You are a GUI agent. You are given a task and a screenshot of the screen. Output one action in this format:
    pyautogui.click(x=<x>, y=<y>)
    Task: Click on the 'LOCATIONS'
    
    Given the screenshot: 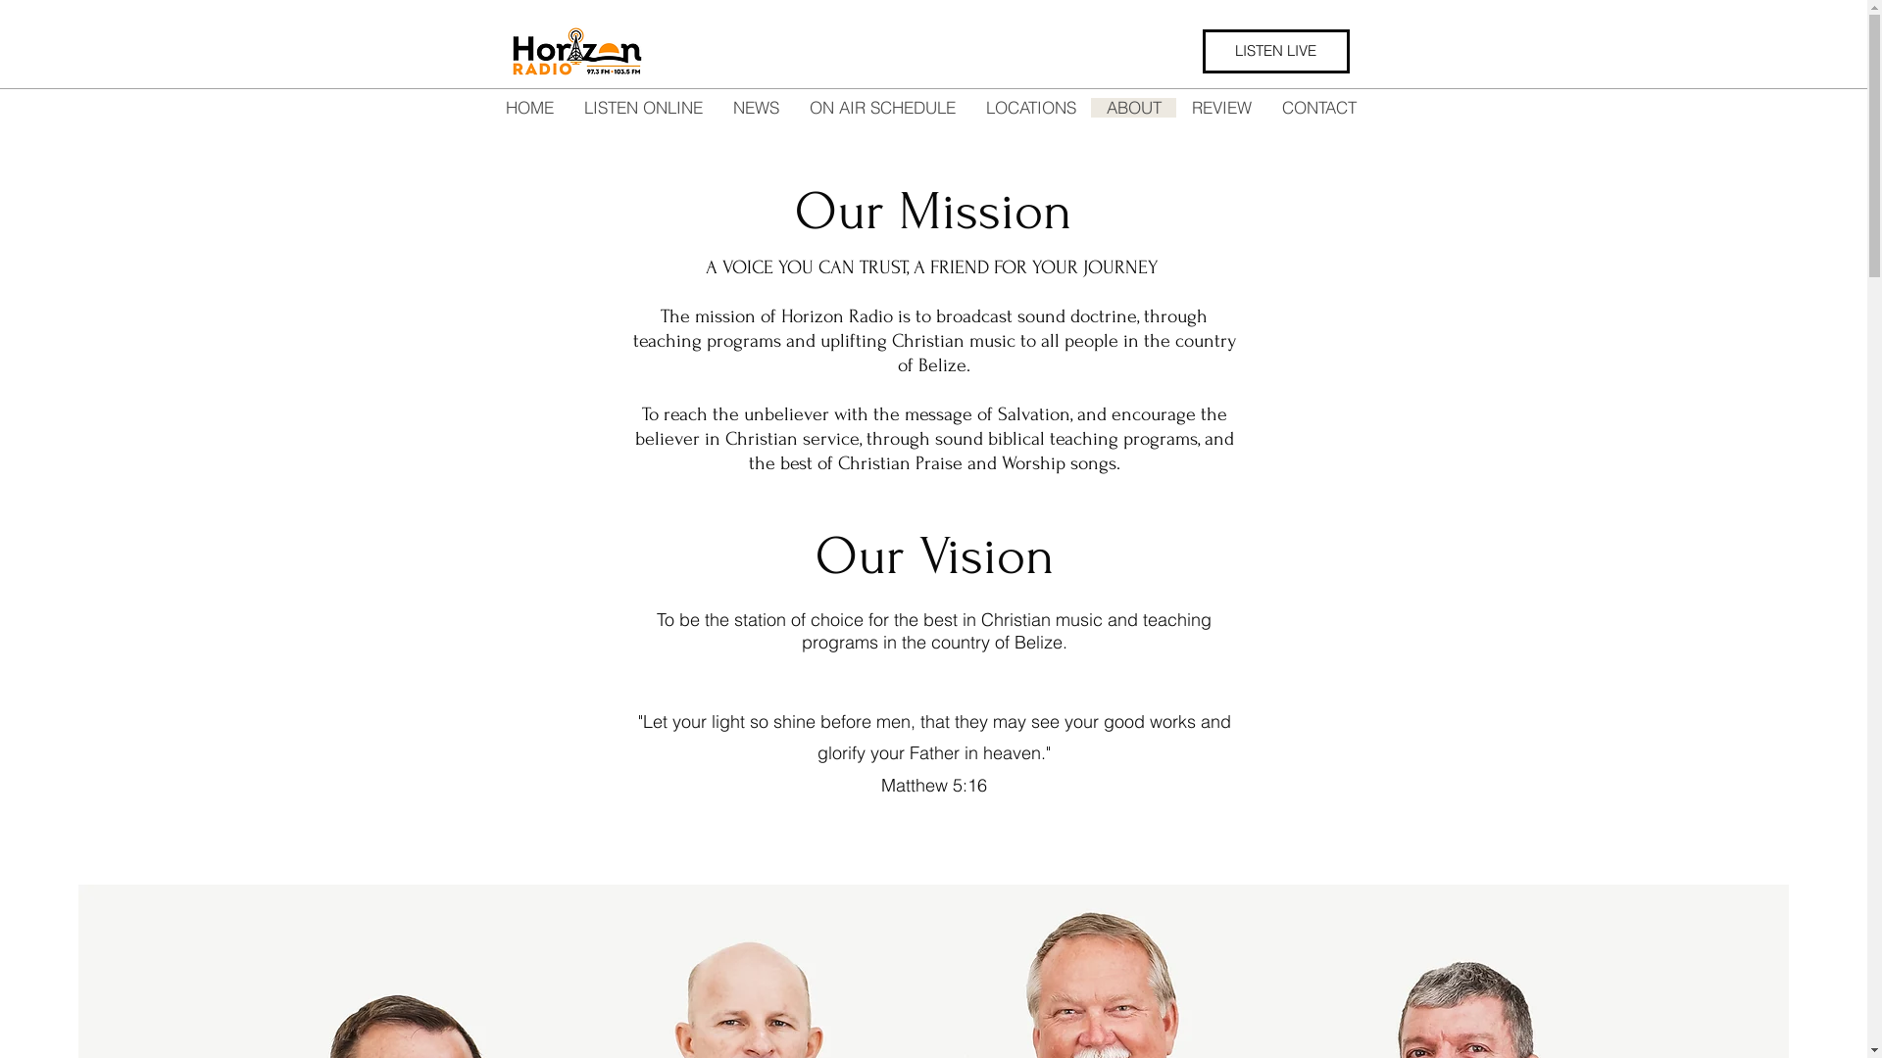 What is the action you would take?
    pyautogui.click(x=1029, y=108)
    